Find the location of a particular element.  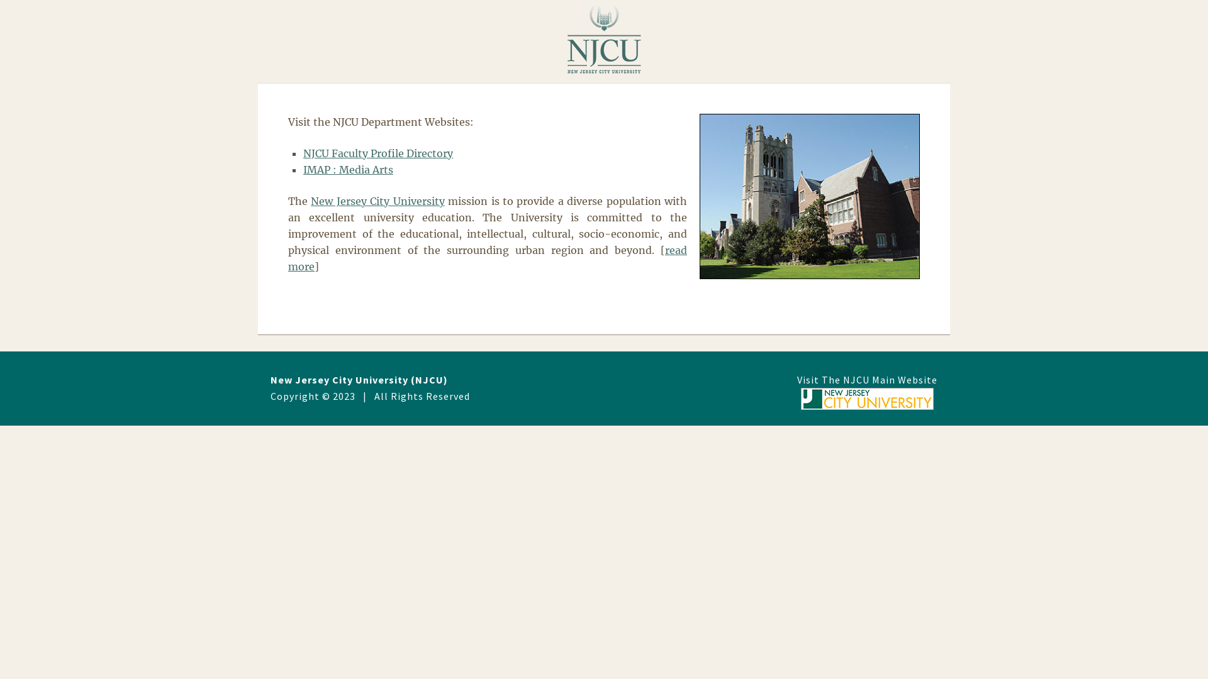

'NJCU is committed to excellence in education!' is located at coordinates (809, 196).